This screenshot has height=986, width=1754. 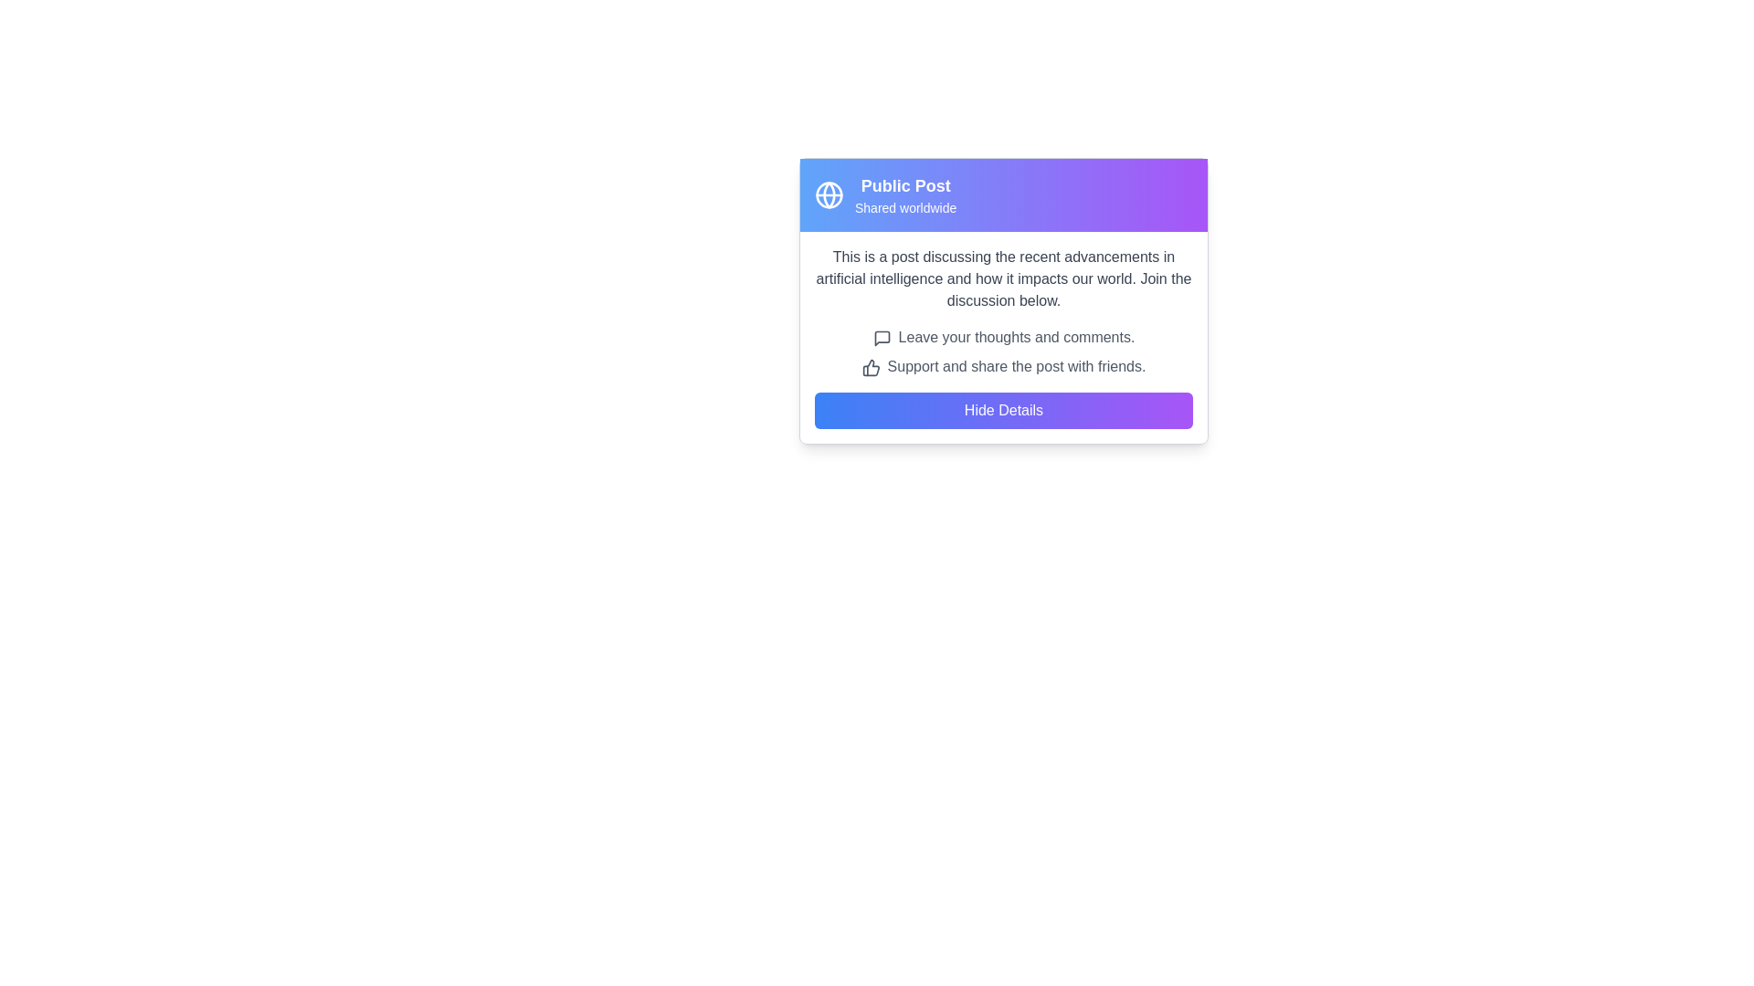 What do you see at coordinates (1003, 366) in the screenshot?
I see `the informational static text element that encourages users to share the post, which is located centrally within the card below the 'Leave your thoughts and comments.' text and above the 'Hide Details' button` at bounding box center [1003, 366].